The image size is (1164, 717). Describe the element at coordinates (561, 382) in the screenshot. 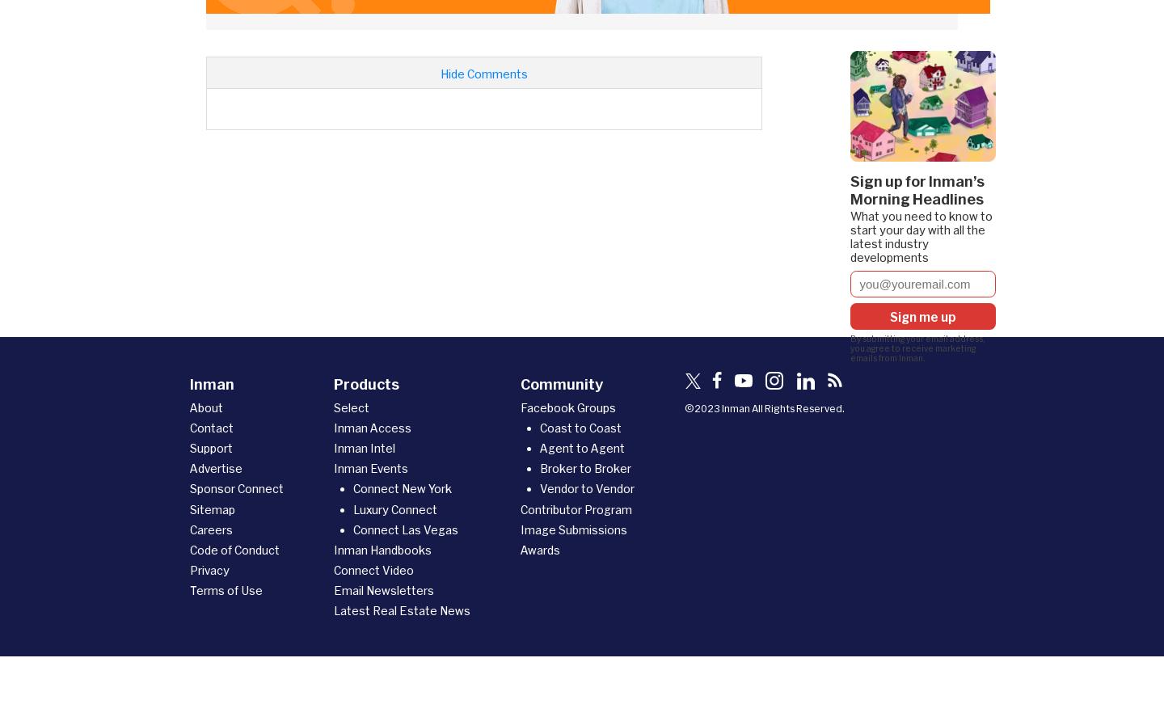

I see `'Community'` at that location.